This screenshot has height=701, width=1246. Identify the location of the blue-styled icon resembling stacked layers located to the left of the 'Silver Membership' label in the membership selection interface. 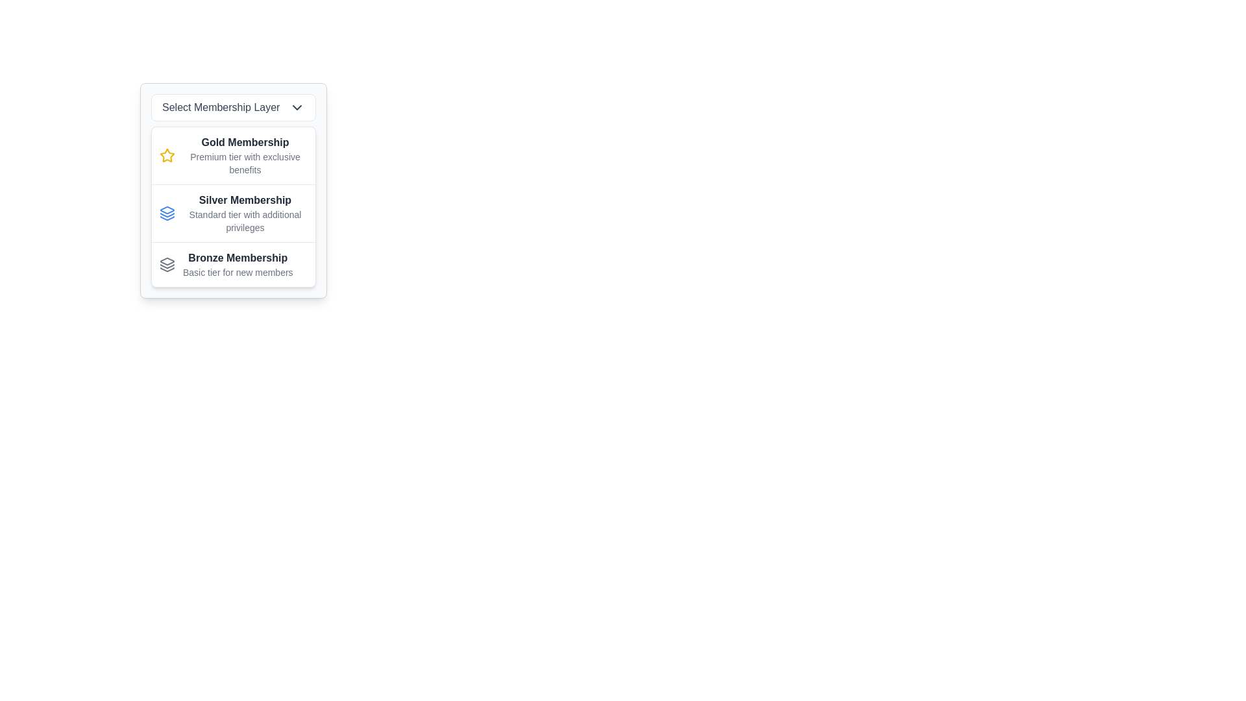
(167, 212).